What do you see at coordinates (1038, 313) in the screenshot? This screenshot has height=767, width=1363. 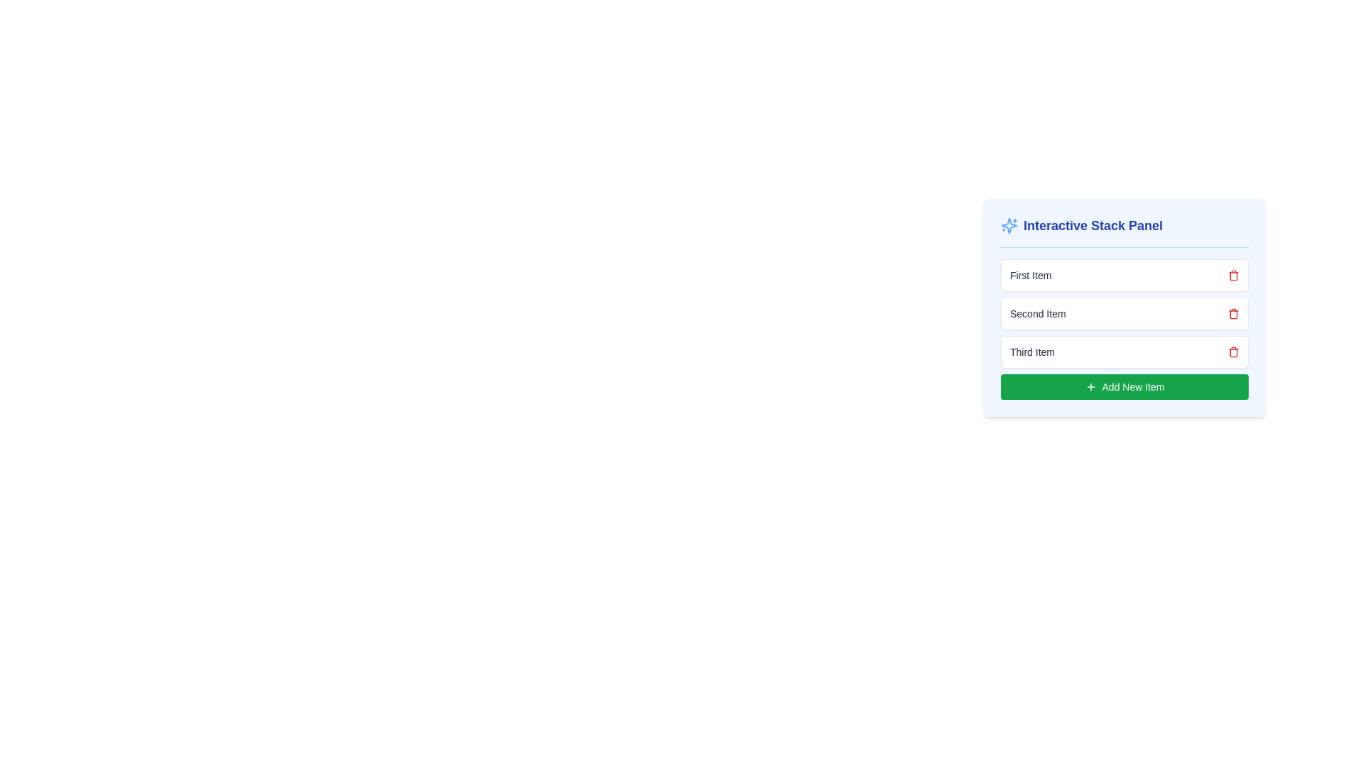 I see `the second text label in the list which provides context or information to the user, located in the right side of the window` at bounding box center [1038, 313].